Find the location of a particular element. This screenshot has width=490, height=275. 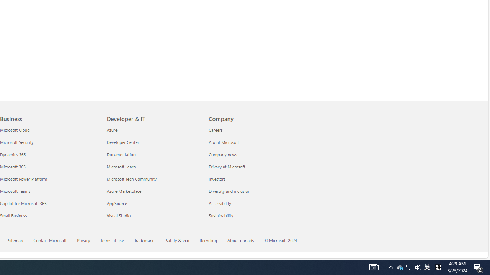

'AppSource Developer & IT' is located at coordinates (116, 203).